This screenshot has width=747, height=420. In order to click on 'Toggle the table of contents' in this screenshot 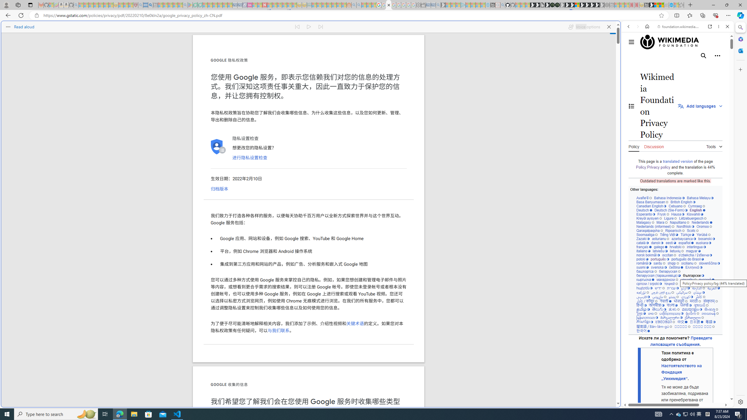, I will do `click(631, 106)`.